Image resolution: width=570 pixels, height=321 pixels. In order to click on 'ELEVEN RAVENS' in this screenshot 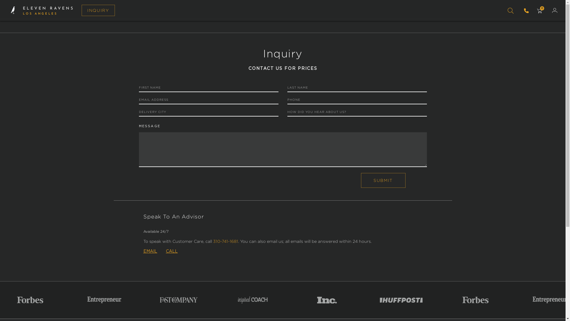, I will do `click(48, 8)`.